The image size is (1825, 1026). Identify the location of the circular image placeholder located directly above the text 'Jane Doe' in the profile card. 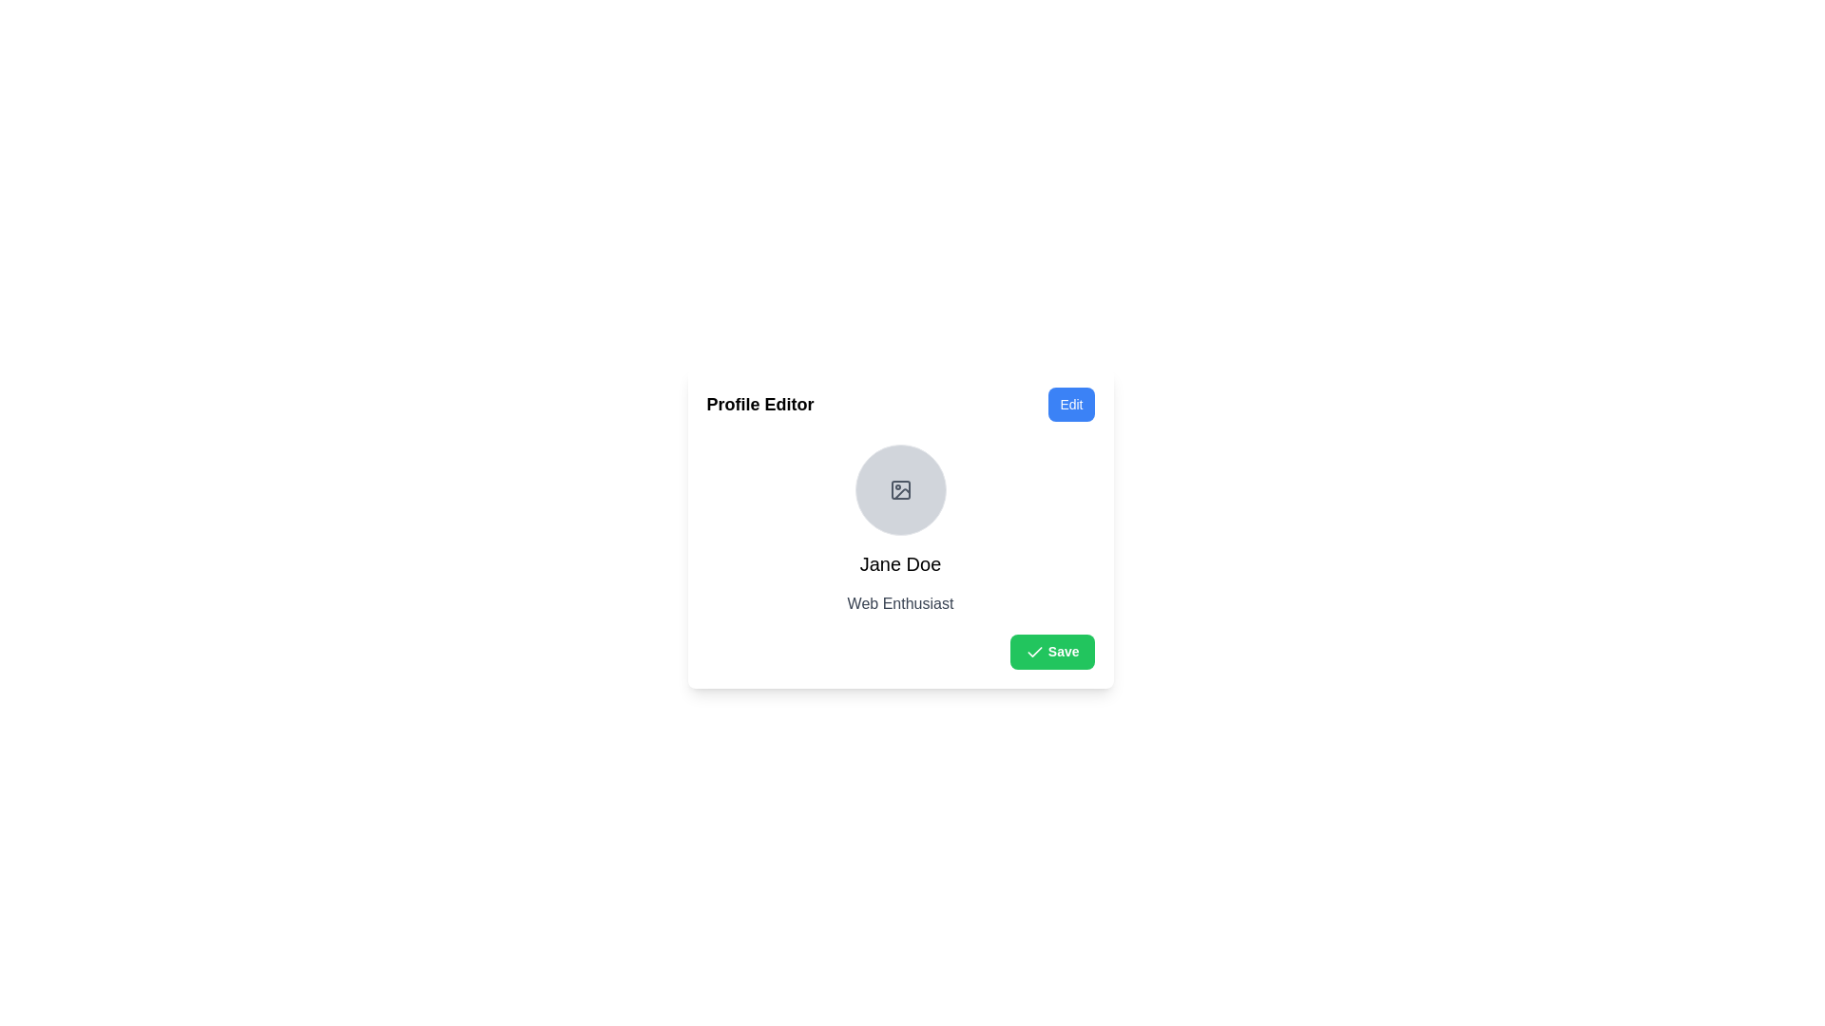
(899, 489).